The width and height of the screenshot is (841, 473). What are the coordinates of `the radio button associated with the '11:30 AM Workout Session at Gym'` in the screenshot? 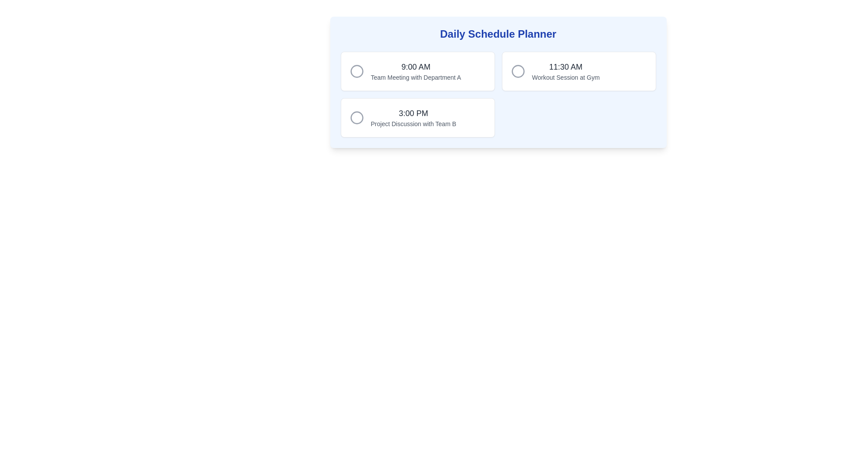 It's located at (518, 71).